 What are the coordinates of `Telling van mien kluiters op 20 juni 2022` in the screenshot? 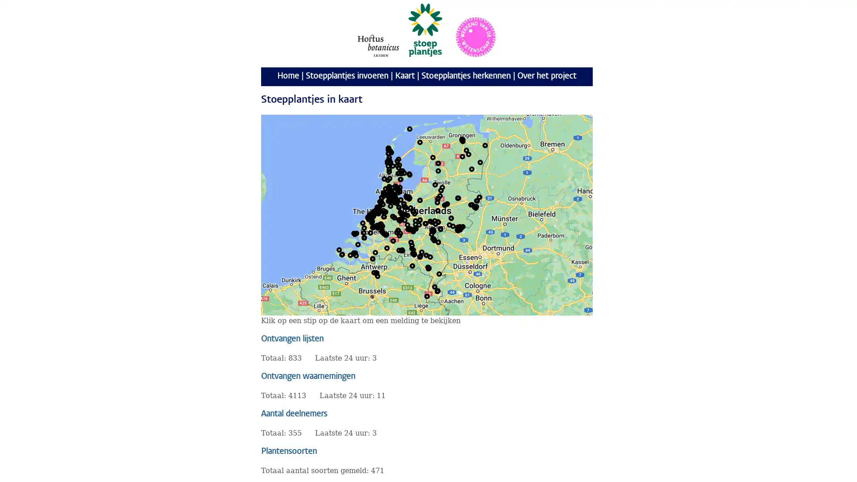 It's located at (379, 210).